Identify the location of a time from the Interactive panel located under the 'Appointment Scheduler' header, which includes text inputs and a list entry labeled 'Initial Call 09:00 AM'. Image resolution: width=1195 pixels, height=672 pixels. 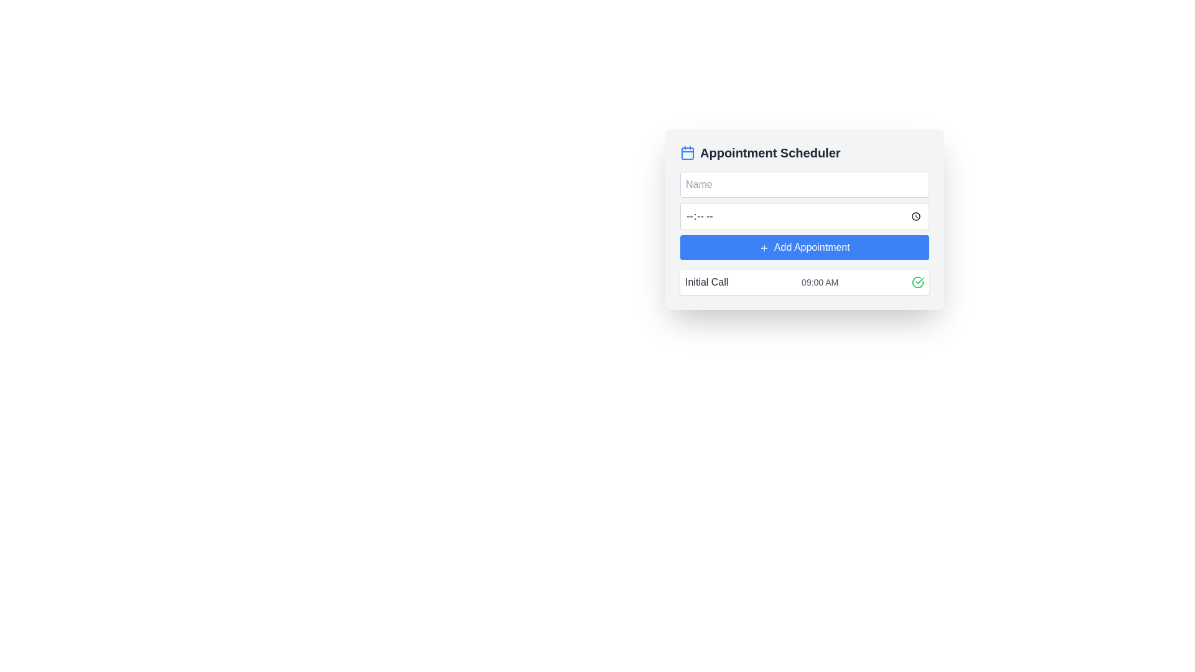
(804, 219).